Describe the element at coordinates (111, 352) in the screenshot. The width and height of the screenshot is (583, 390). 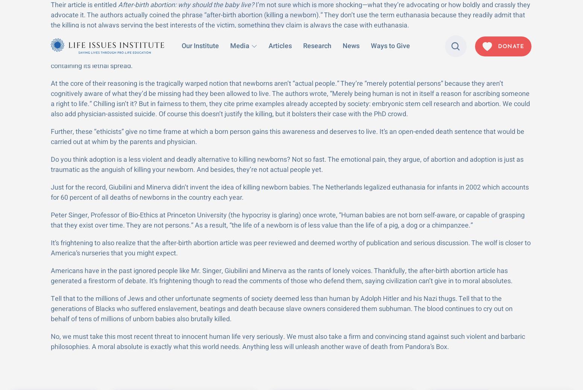
I see `'Life Issues Institute'` at that location.